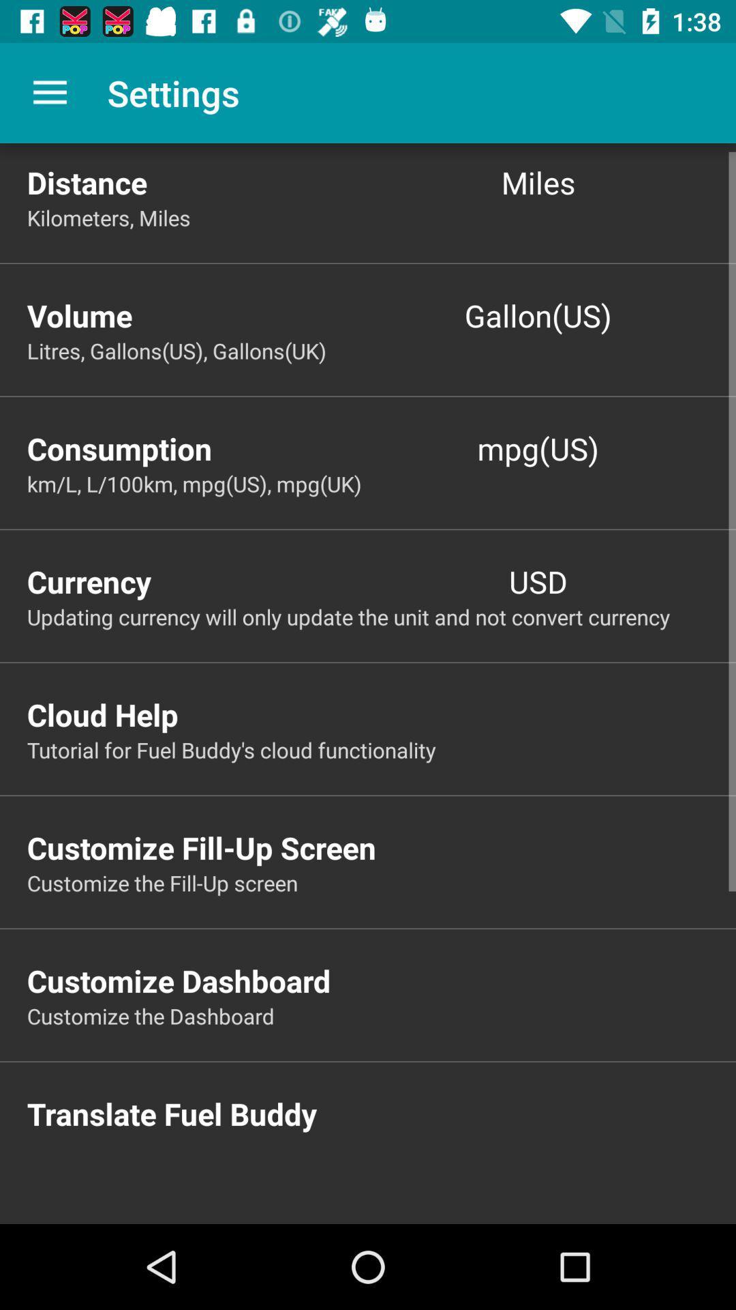  I want to click on the icon next to the settings item, so click(49, 92).